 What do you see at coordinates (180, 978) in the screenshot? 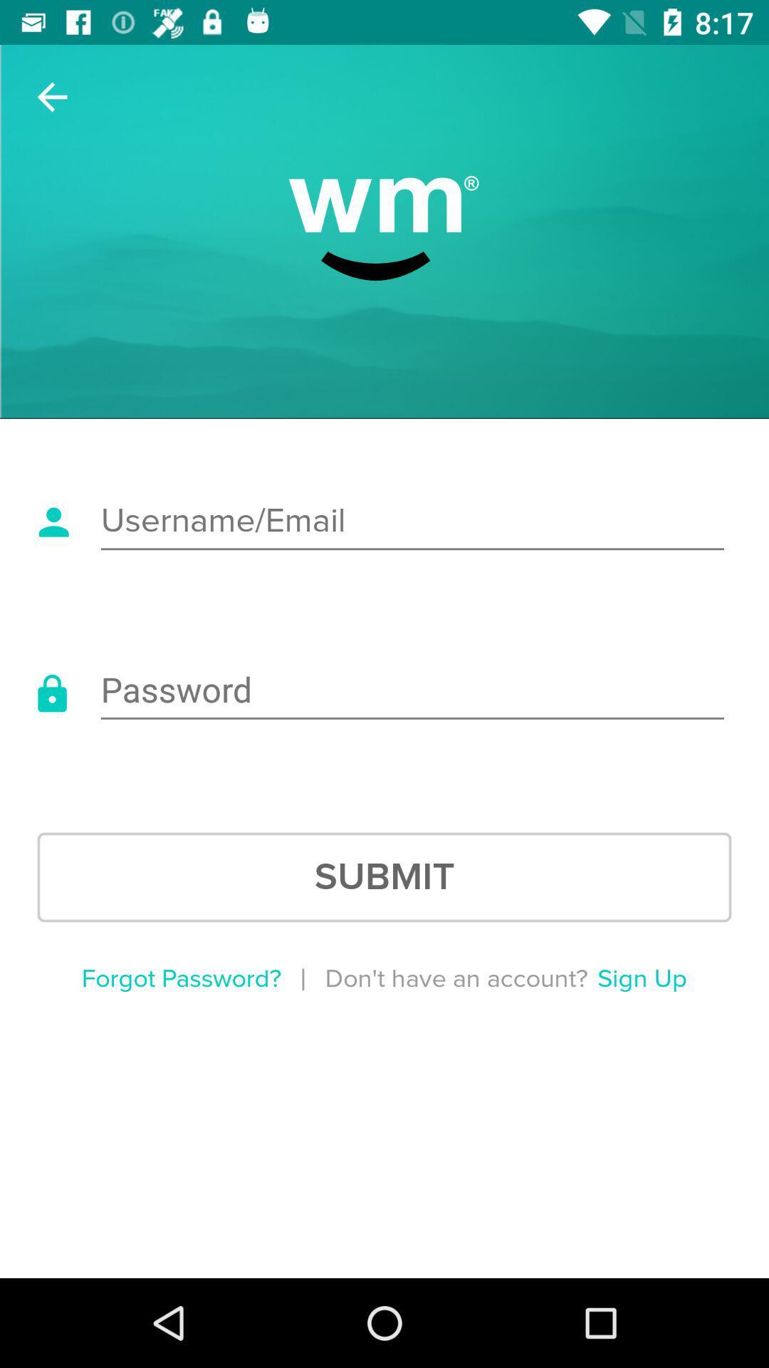
I see `the item below submit` at bounding box center [180, 978].